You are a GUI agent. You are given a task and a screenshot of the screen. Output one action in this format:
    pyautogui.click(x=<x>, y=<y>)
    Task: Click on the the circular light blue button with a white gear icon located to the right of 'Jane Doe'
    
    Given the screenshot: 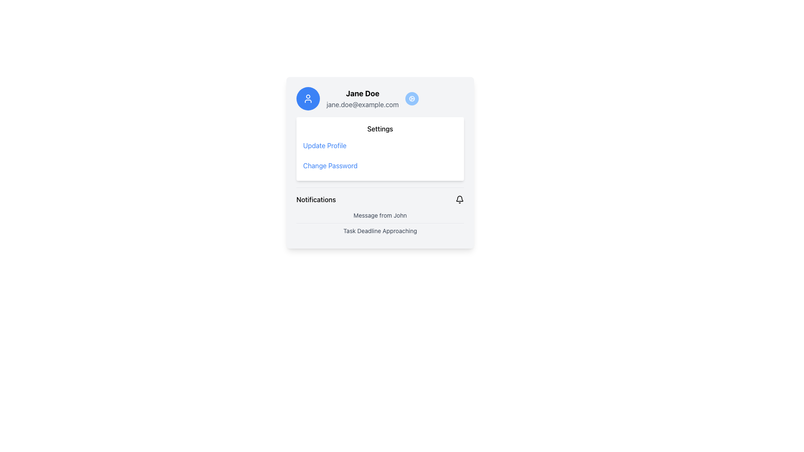 What is the action you would take?
    pyautogui.click(x=412, y=98)
    